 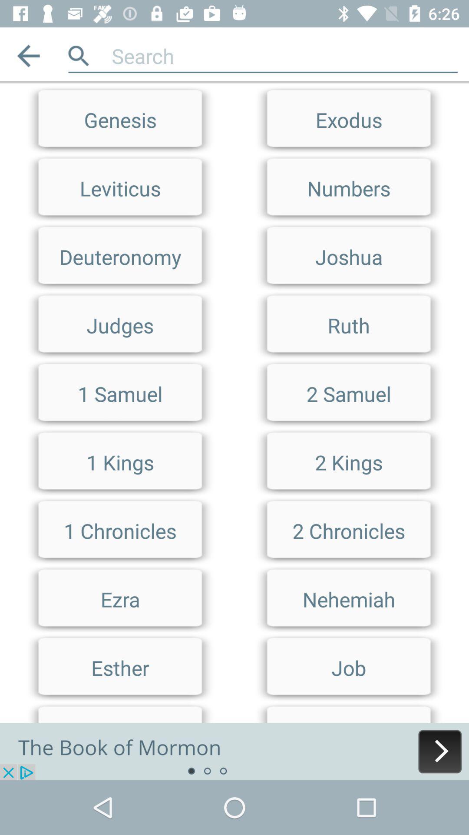 What do you see at coordinates (284, 55) in the screenshot?
I see `search term` at bounding box center [284, 55].